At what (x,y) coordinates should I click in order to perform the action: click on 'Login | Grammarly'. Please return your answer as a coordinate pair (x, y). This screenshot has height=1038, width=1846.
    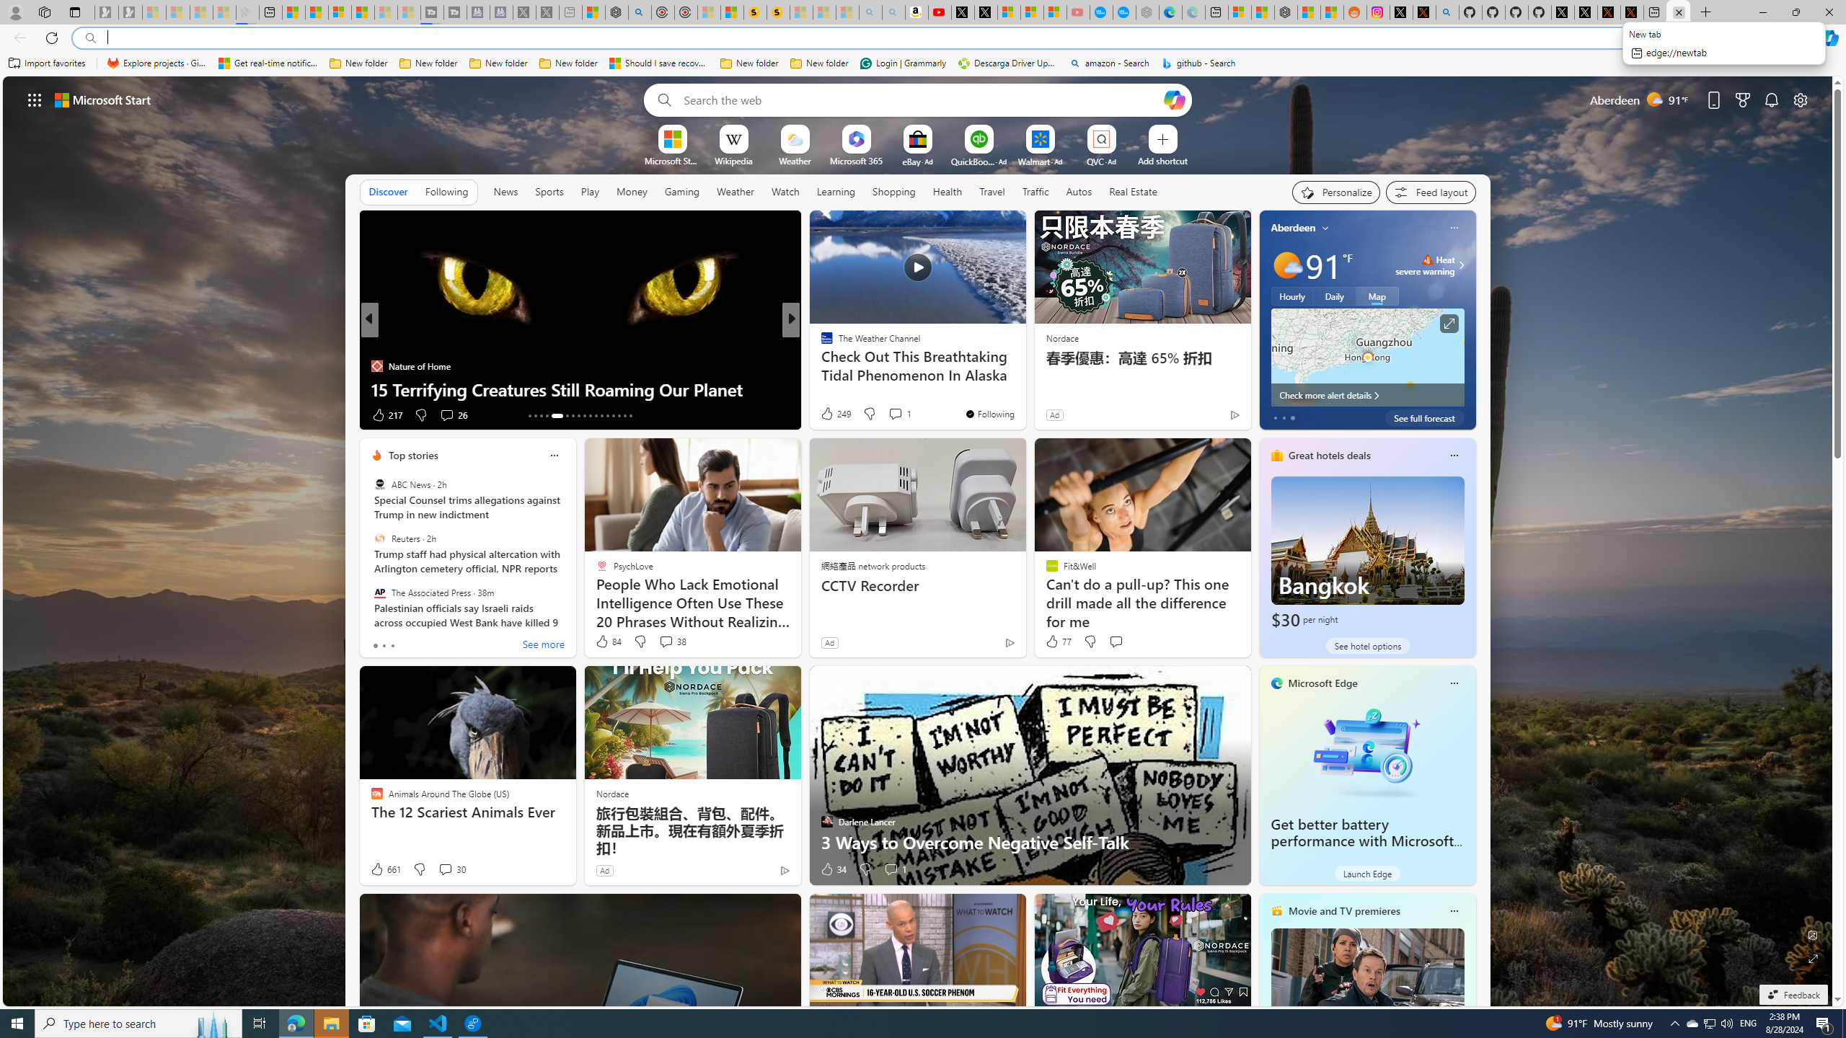
    Looking at the image, I should click on (903, 63).